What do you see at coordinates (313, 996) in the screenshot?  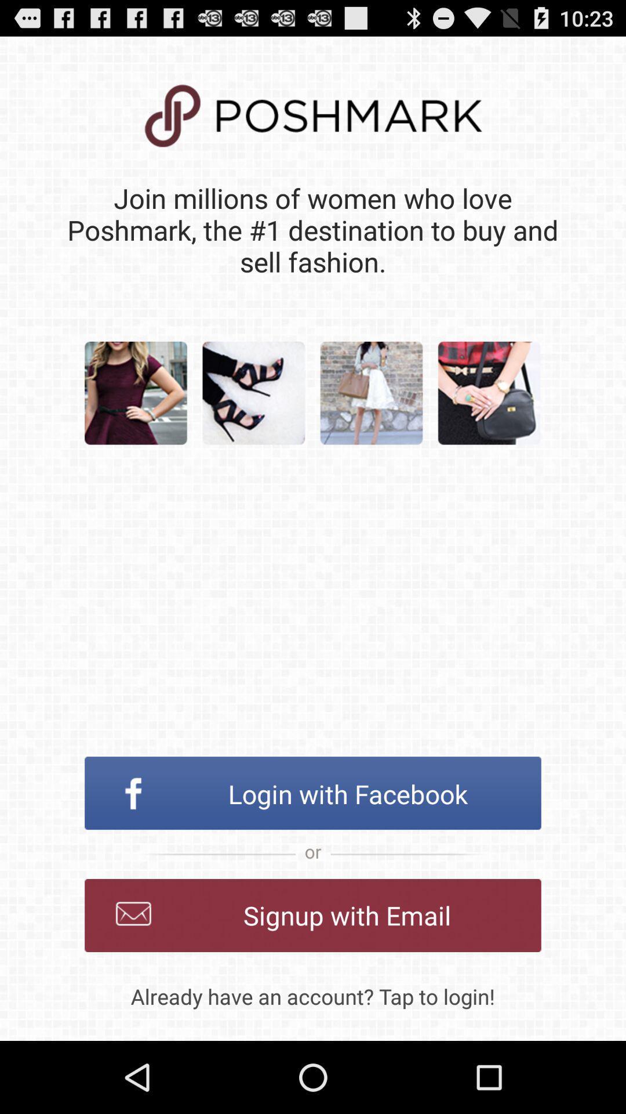 I see `the already have an item` at bounding box center [313, 996].